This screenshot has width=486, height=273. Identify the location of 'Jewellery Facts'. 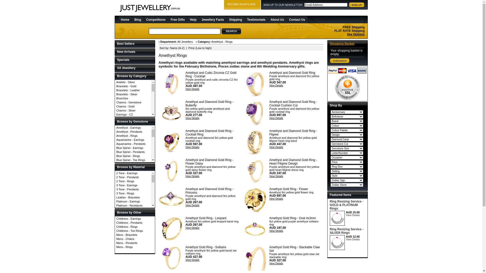
(213, 19).